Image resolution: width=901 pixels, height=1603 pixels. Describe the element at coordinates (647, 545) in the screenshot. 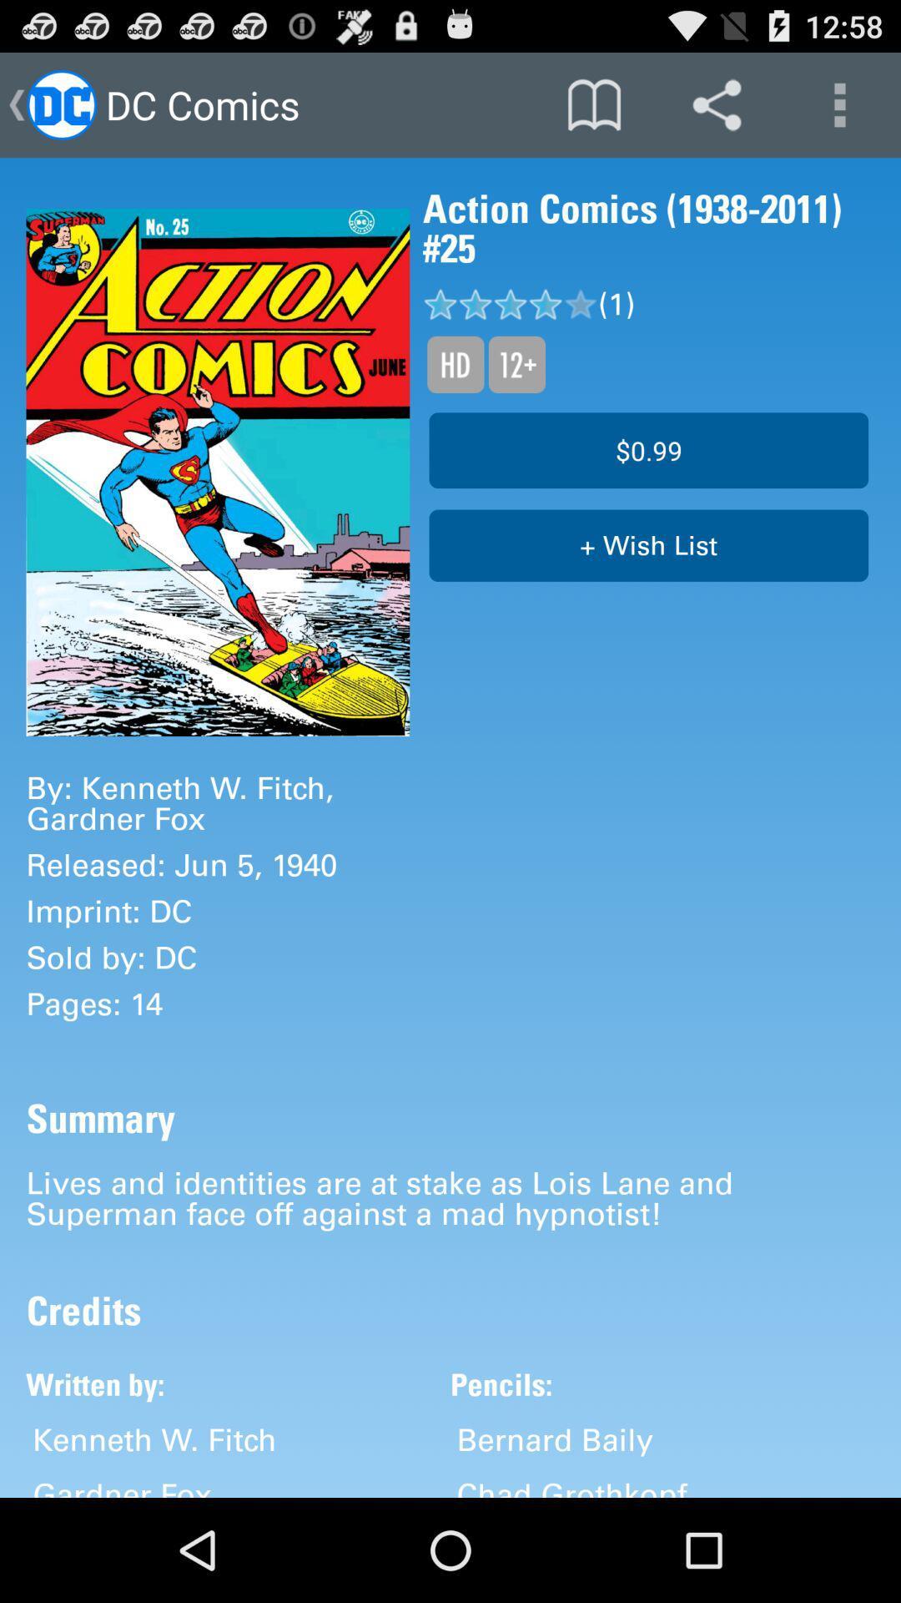

I see `the + wish list on the right` at that location.